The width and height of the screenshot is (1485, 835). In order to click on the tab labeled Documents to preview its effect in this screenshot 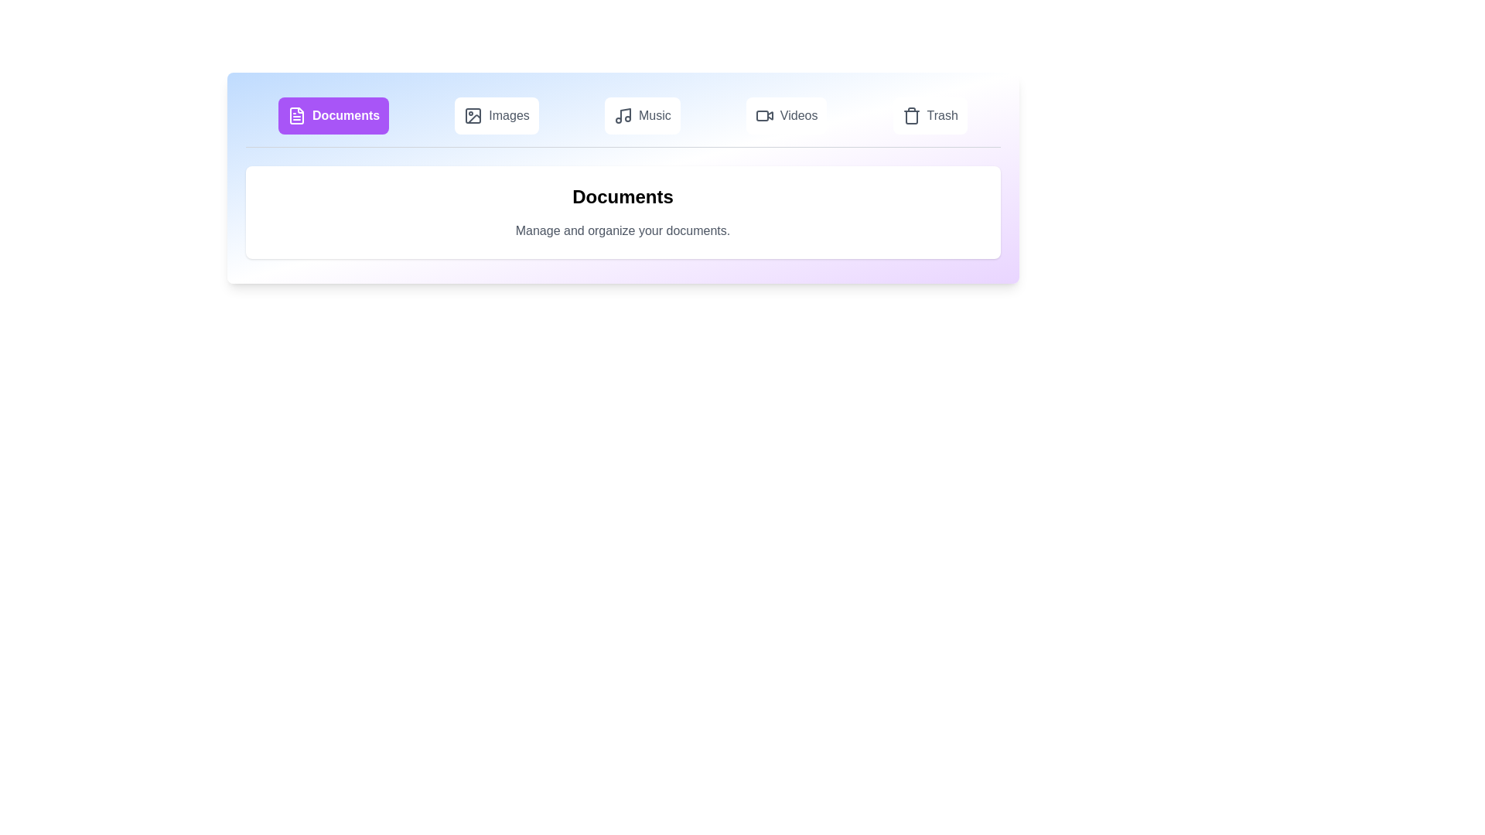, I will do `click(333, 115)`.